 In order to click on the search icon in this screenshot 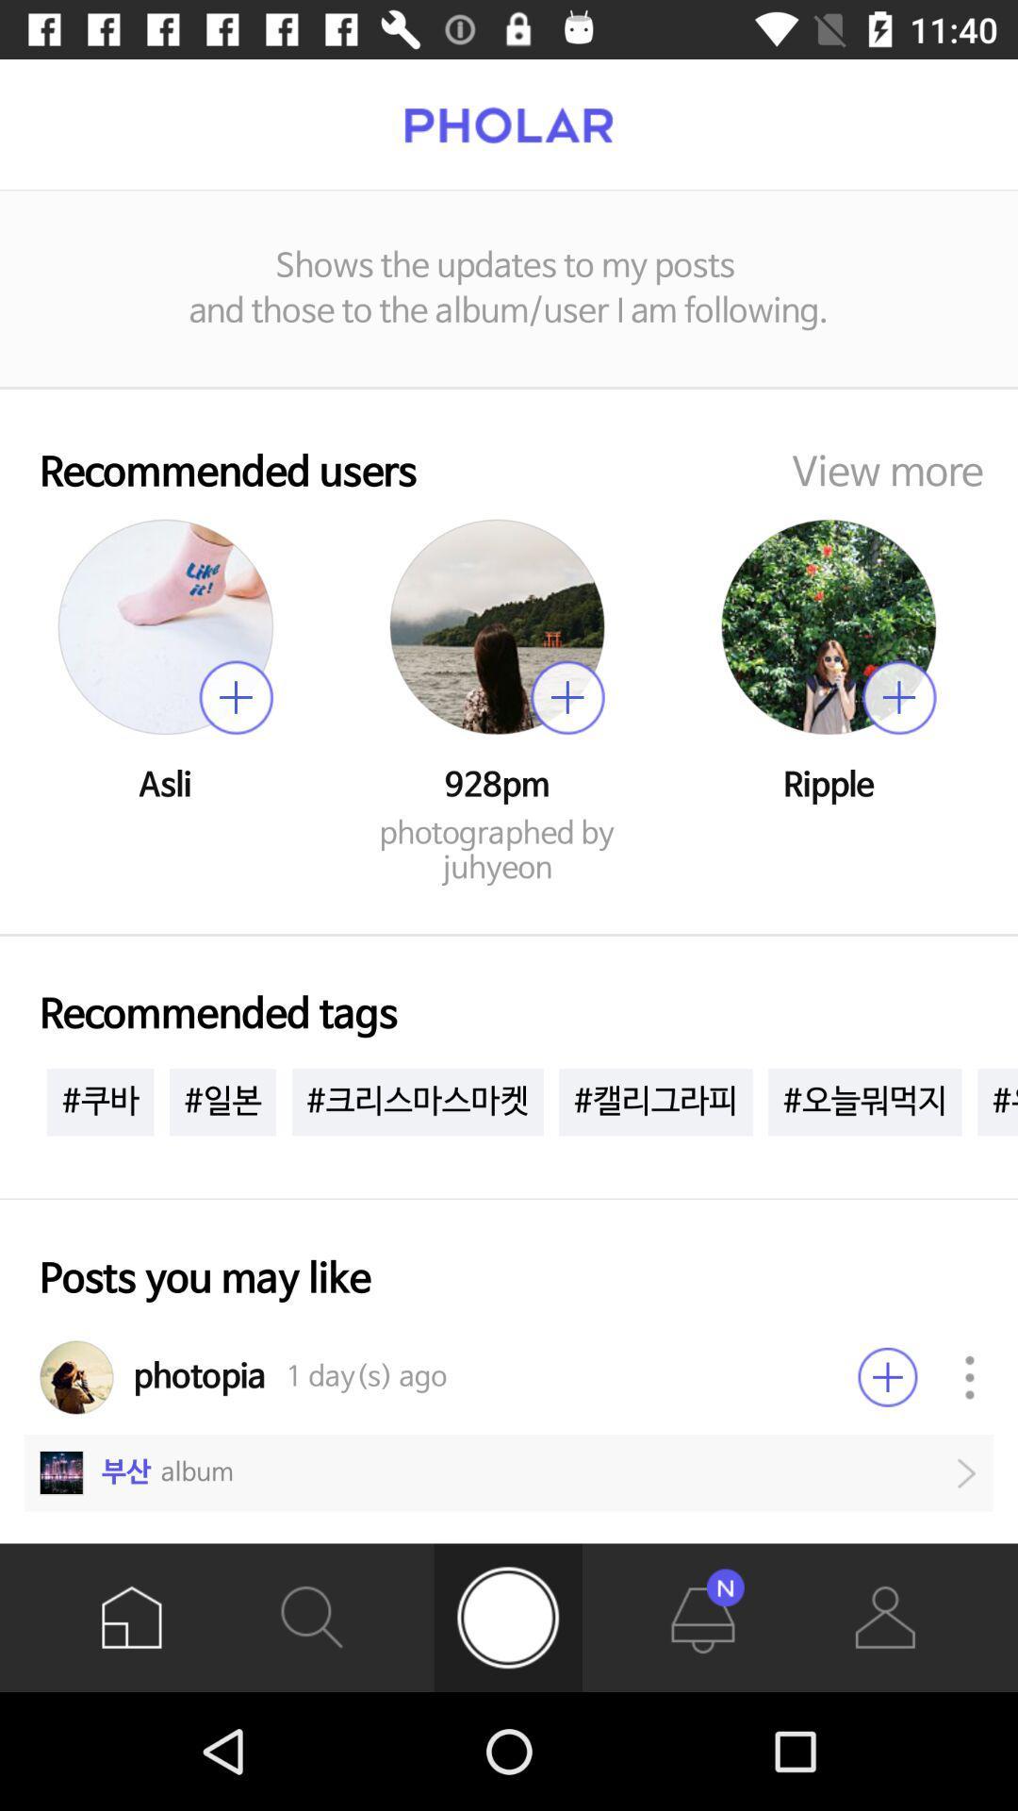, I will do `click(312, 1616)`.